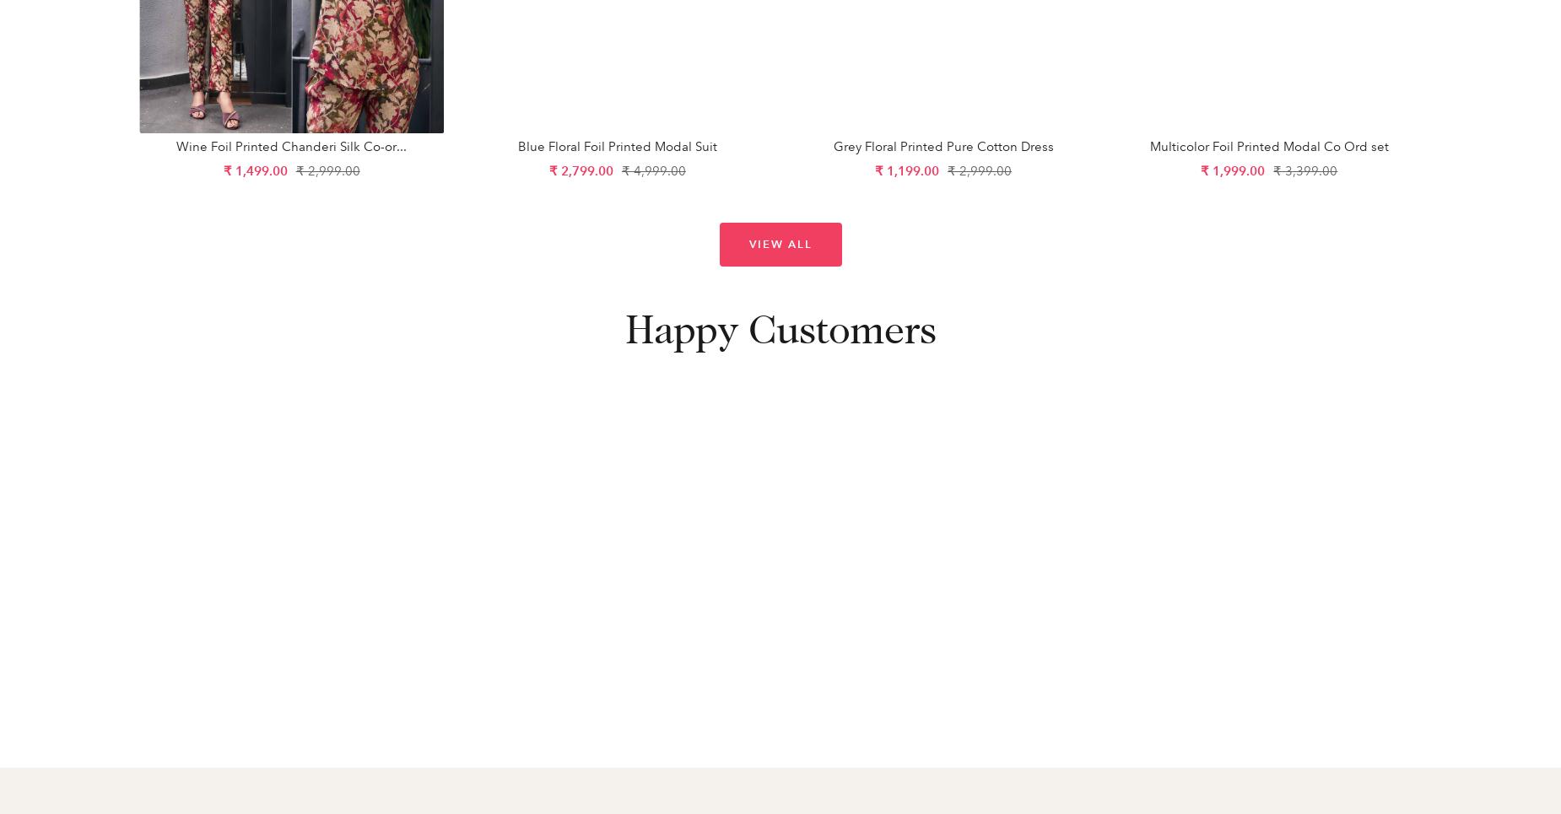 The height and width of the screenshot is (814, 1561). I want to click on 'Multicolor Foil Printed Modal Co Ord set', so click(1268, 145).